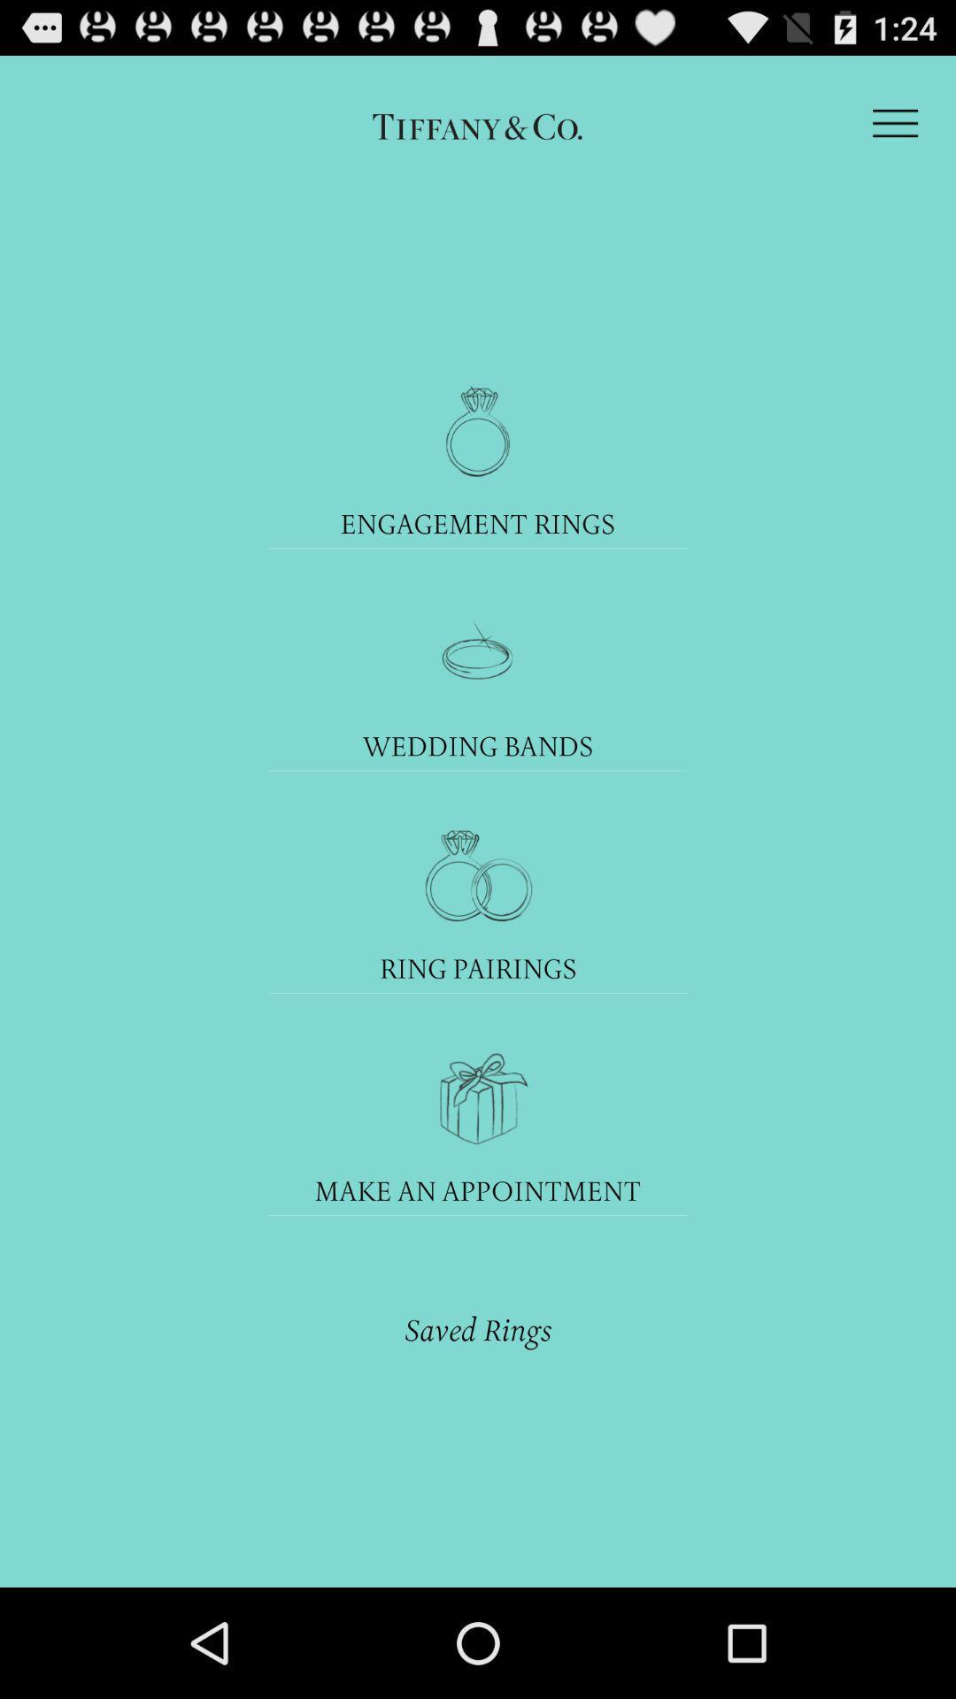 The width and height of the screenshot is (956, 1699). What do you see at coordinates (478, 522) in the screenshot?
I see `the engagement rings icon` at bounding box center [478, 522].